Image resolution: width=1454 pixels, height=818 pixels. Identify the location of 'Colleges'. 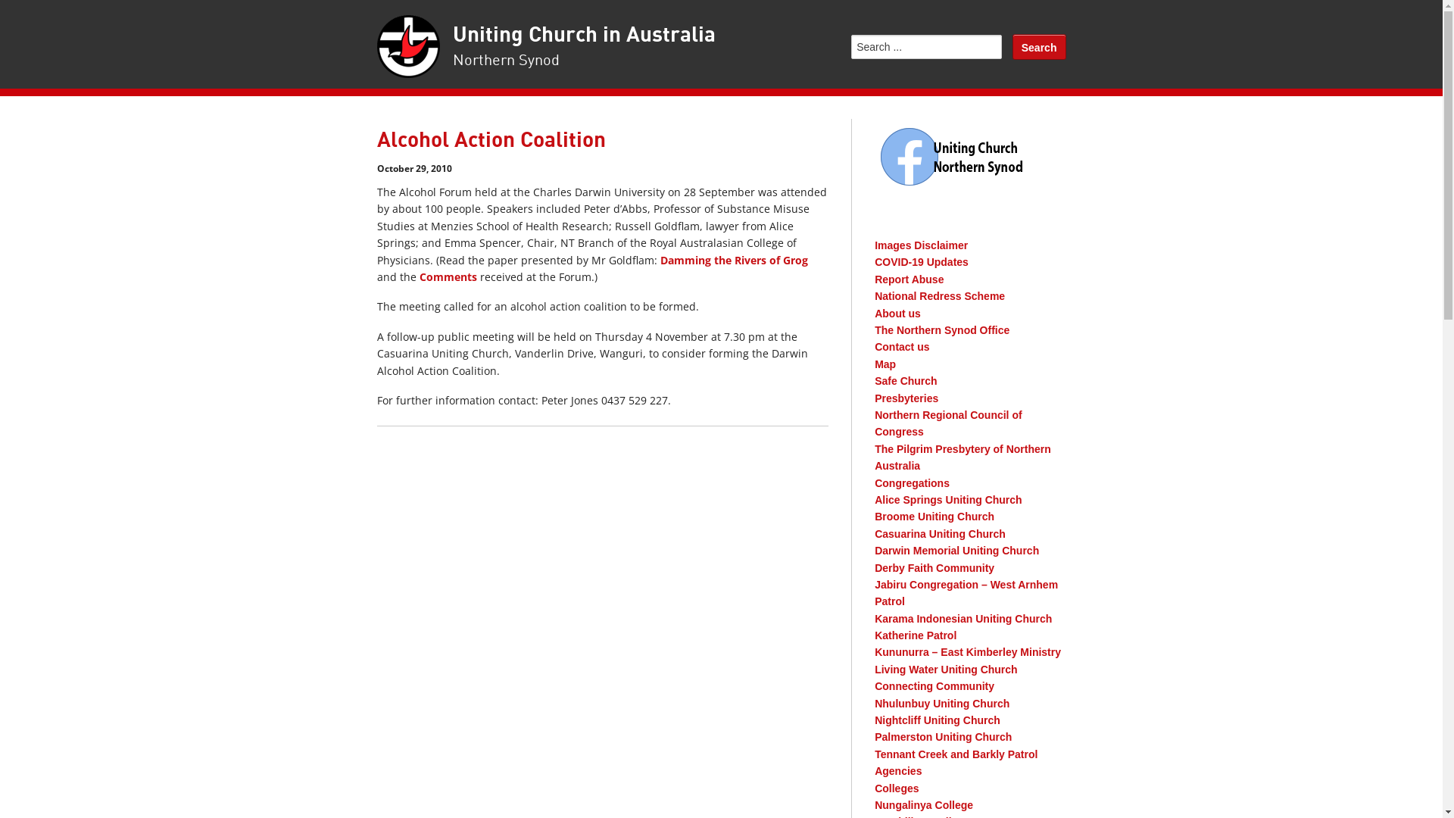
(897, 788).